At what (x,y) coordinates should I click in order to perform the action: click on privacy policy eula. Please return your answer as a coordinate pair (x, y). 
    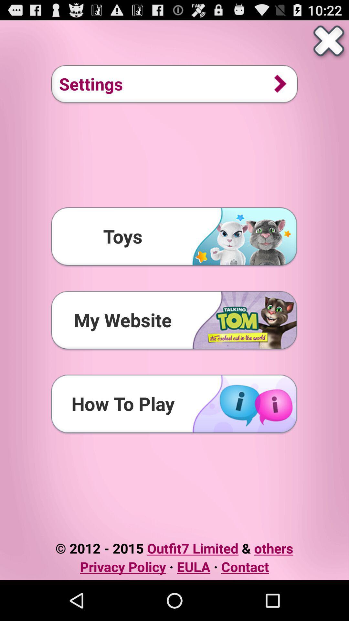
    Looking at the image, I should click on (174, 566).